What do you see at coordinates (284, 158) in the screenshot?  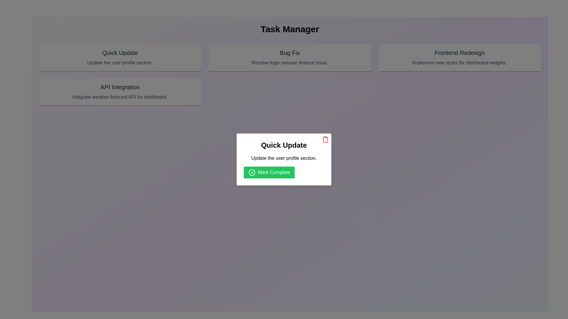 I see `the text element displaying static content that provides instructions related to the quick update action, located between the bolded text 'Quick Update' and the green button labeled 'Mark Complete'` at bounding box center [284, 158].